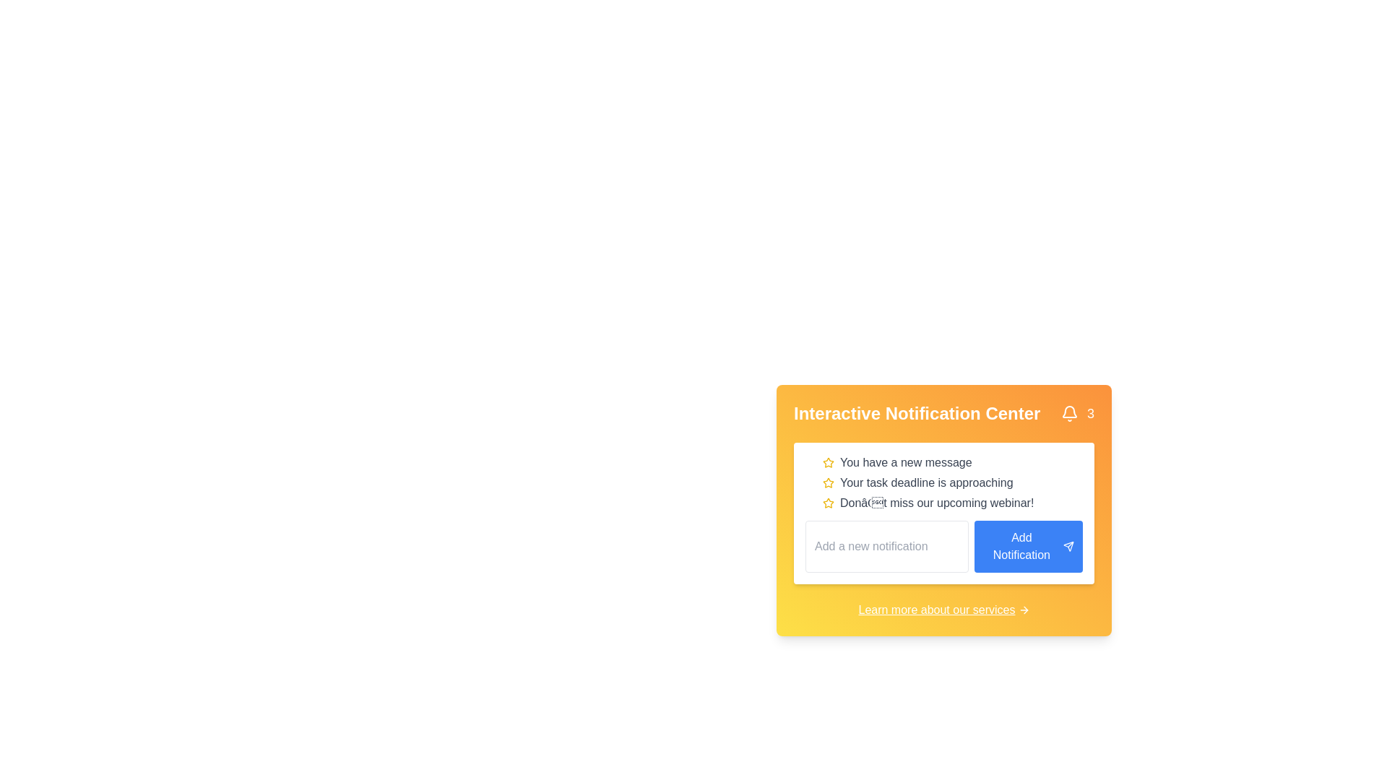  Describe the element at coordinates (1091, 414) in the screenshot. I see `the white text label '3' displayed in bold font on an orange background, located at the top-right corner of the notification interface box` at that location.